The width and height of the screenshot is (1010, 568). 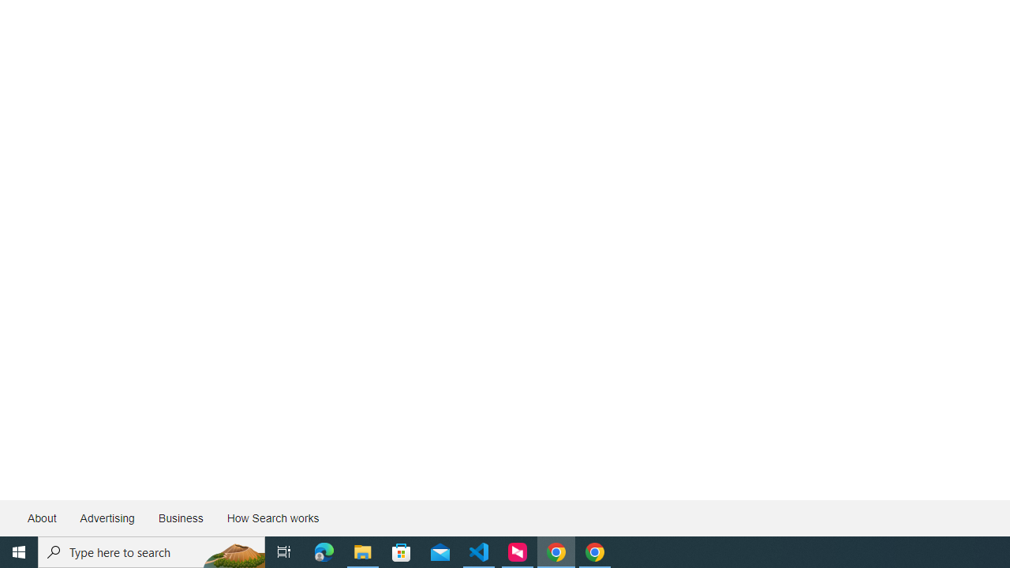 I want to click on 'About', so click(x=42, y=518).